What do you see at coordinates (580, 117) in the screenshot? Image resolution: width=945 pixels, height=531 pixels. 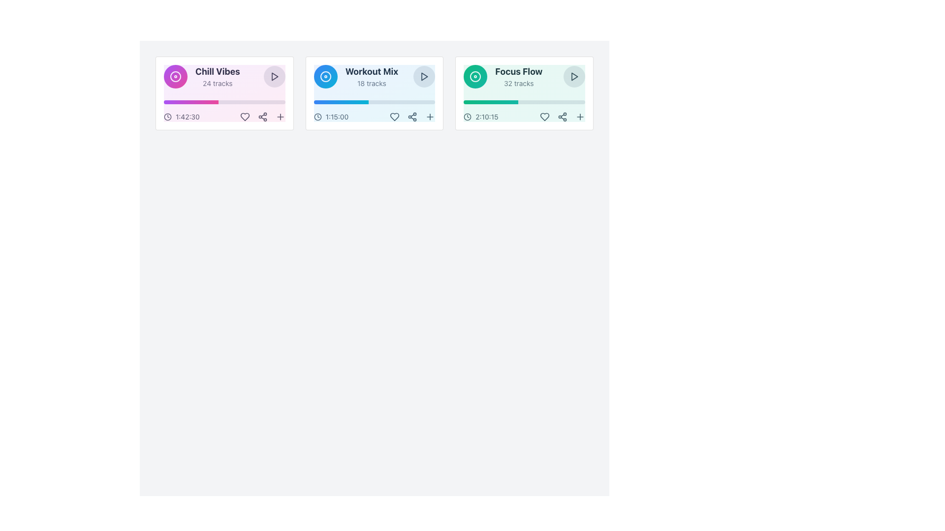 I see `the '+' button located at the bottom right of the 'Focus Flow' card` at bounding box center [580, 117].